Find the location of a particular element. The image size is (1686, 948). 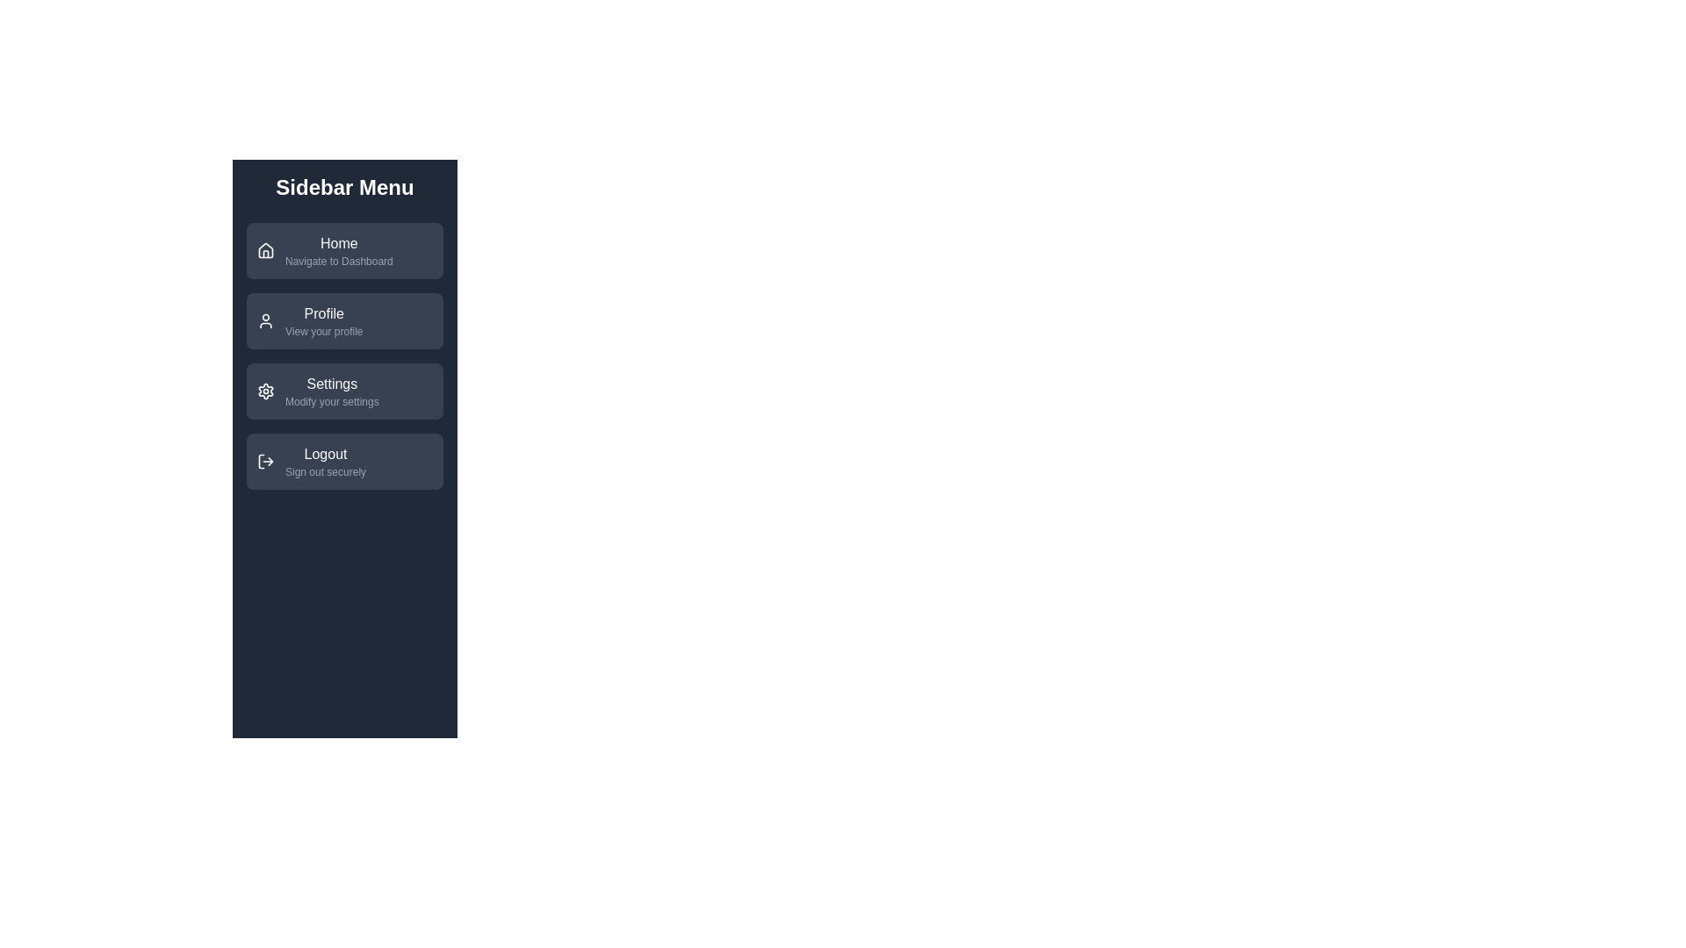

the menu item labeled 'Home' to view its description is located at coordinates (345, 250).